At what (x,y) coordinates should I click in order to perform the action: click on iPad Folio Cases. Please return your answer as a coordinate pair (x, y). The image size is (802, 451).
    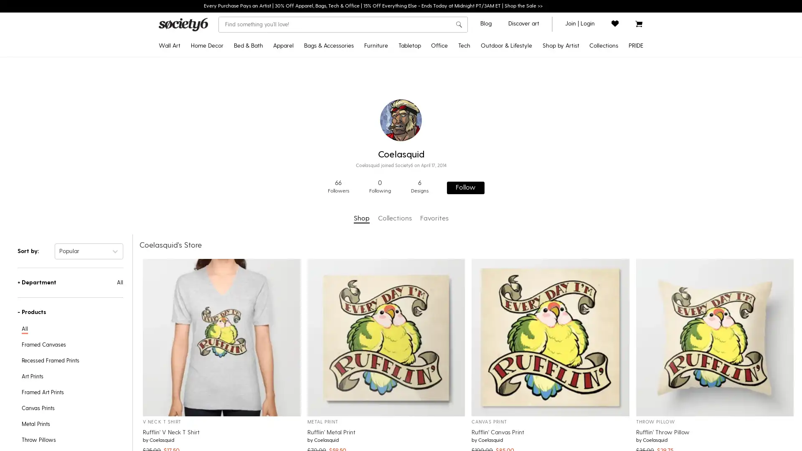
    Looking at the image, I should click on (494, 147).